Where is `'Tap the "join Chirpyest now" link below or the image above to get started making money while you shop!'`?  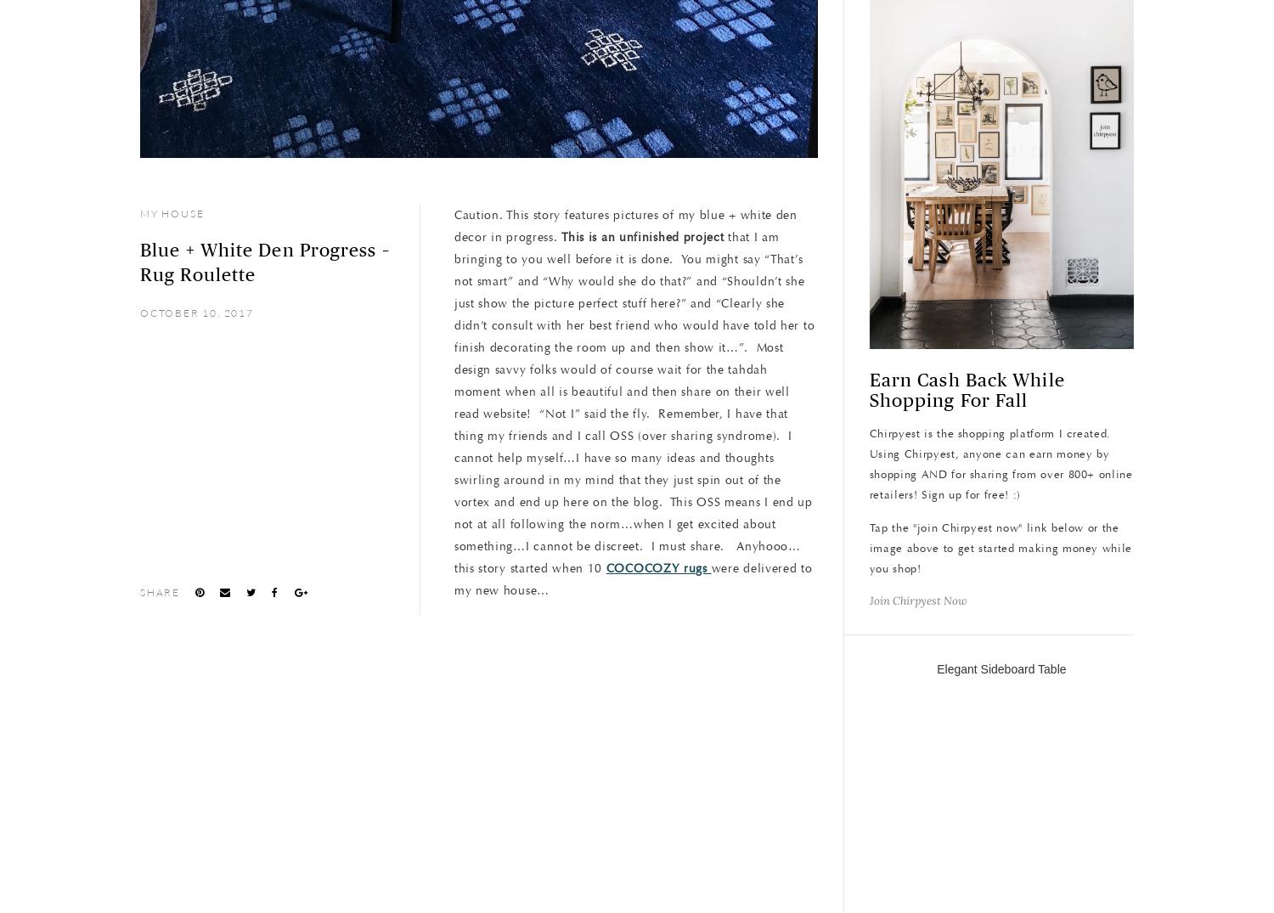 'Tap the "join Chirpyest now" link below or the image above to get started making money while you shop!' is located at coordinates (1000, 548).